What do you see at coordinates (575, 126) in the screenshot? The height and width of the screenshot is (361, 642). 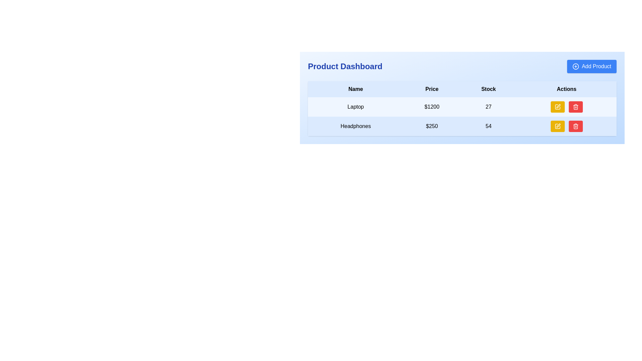 I see `the red delete button with a trash bin icon located in the 'Actions' column of the second row of the table` at bounding box center [575, 126].